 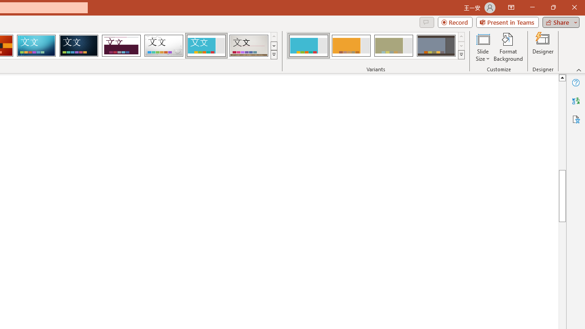 What do you see at coordinates (508, 47) in the screenshot?
I see `'Format Background'` at bounding box center [508, 47].